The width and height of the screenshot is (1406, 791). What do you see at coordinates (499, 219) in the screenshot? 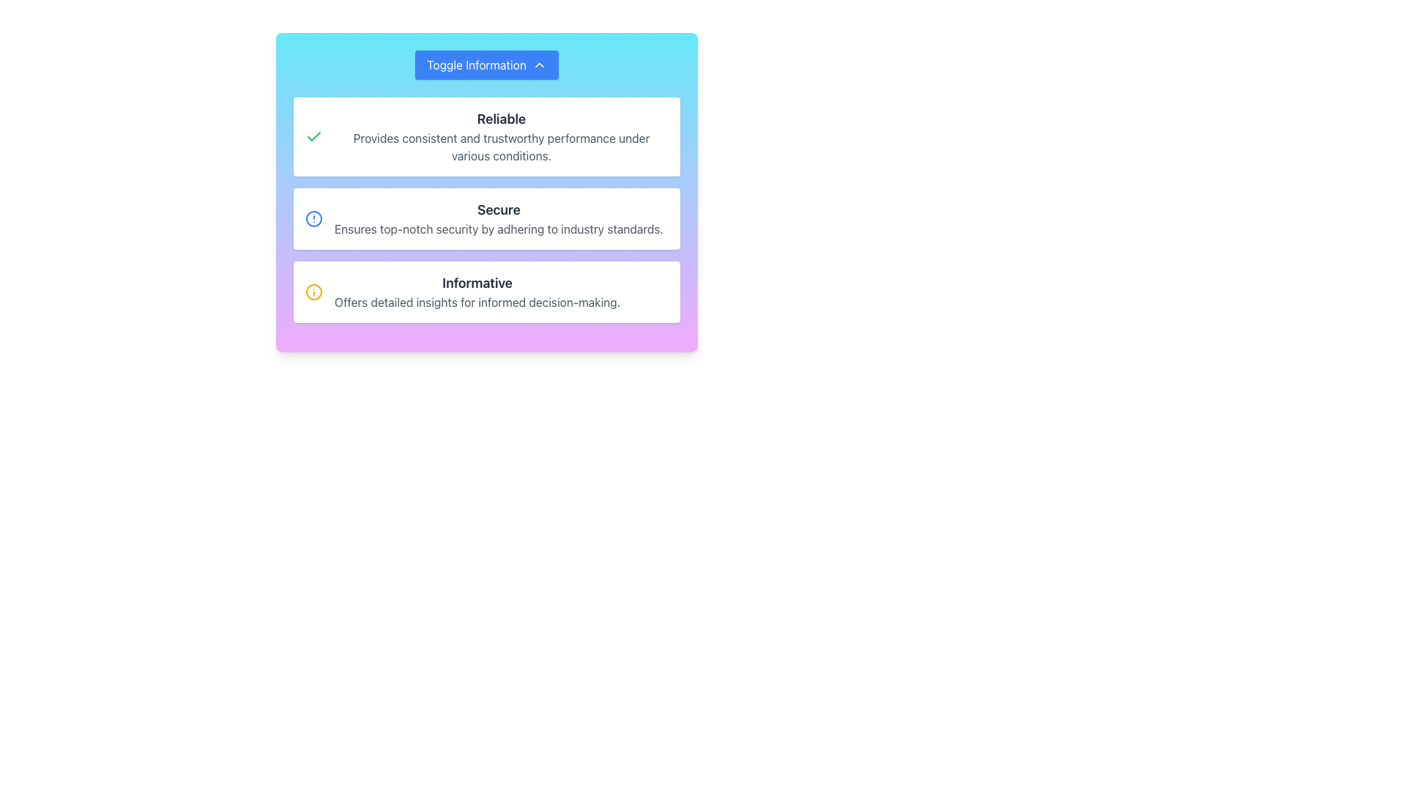
I see `the informational text element that conveys details about security features` at bounding box center [499, 219].